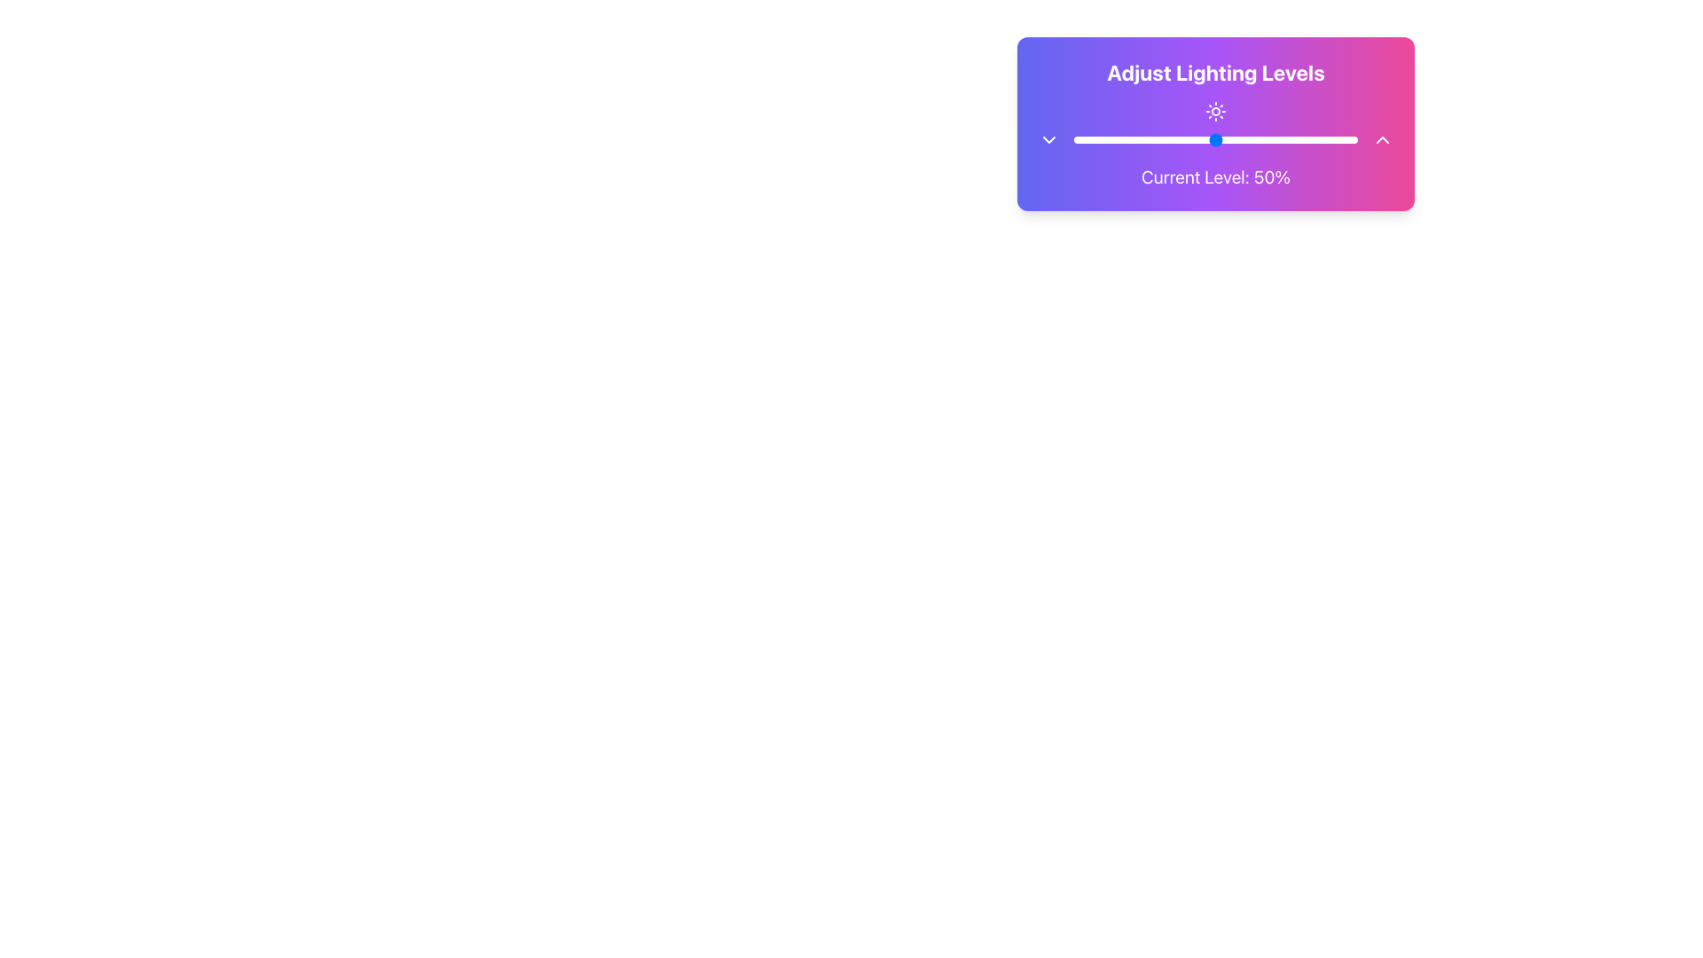 Image resolution: width=1703 pixels, height=958 pixels. I want to click on the sun icon, which is visually depicted with a circular center and stylized rays, located directly beneath the 'Adjust Lighting Levels' label, so click(1215, 112).